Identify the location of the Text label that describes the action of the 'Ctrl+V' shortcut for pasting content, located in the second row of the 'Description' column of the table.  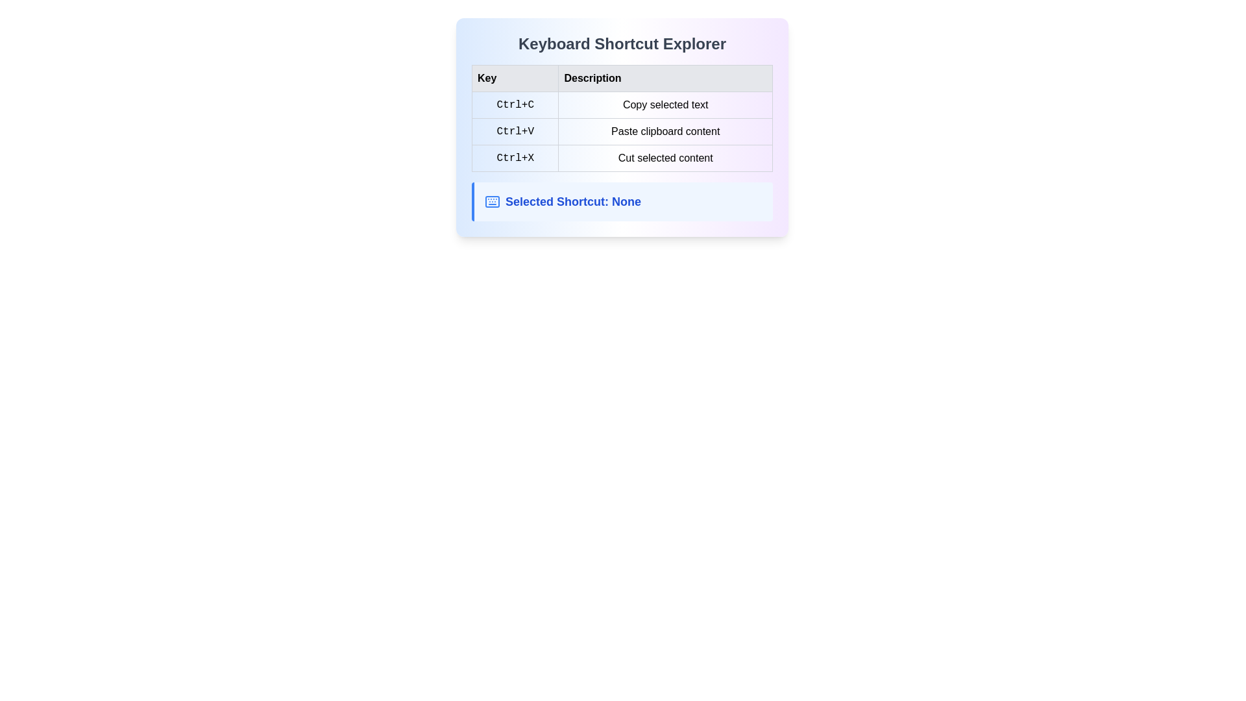
(665, 132).